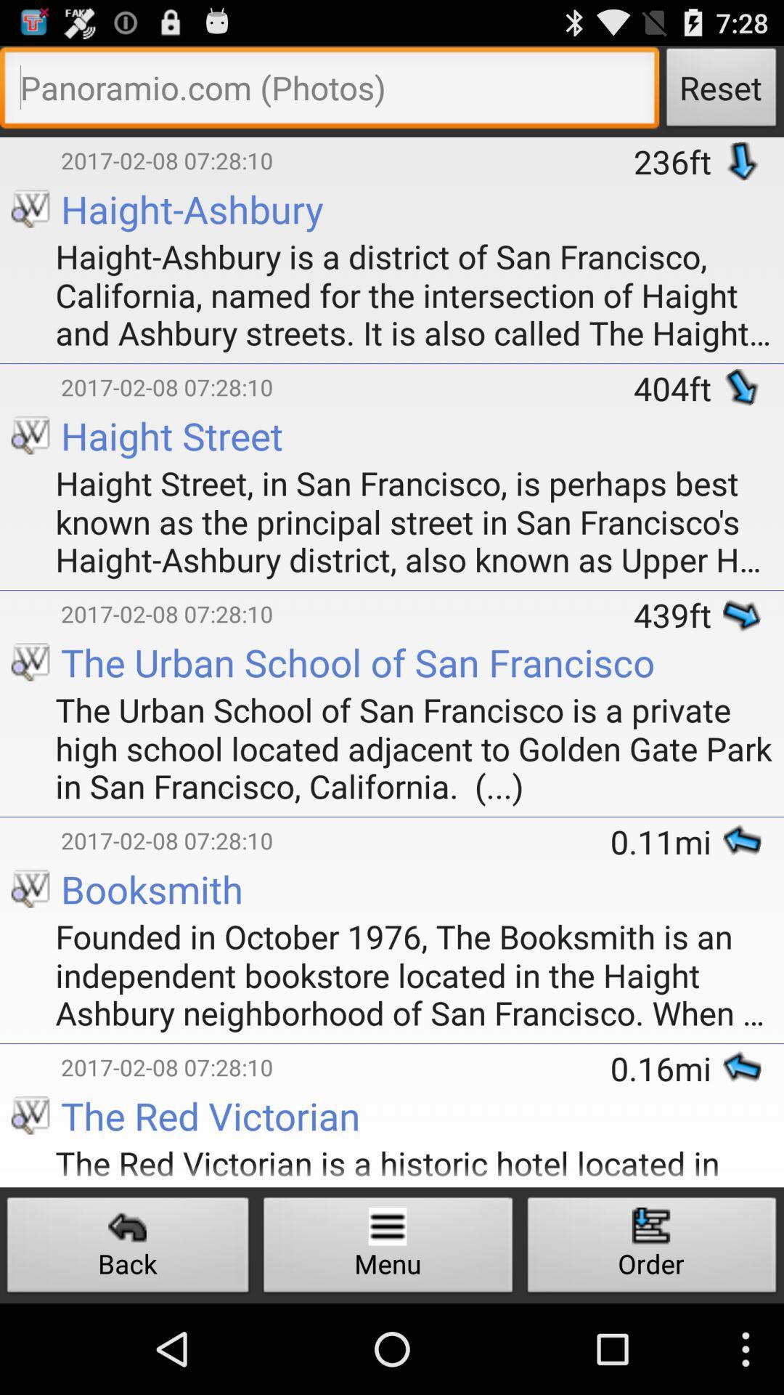 The height and width of the screenshot is (1395, 784). What do you see at coordinates (30, 139) in the screenshot?
I see `the app to the left of 2017 02 08` at bounding box center [30, 139].